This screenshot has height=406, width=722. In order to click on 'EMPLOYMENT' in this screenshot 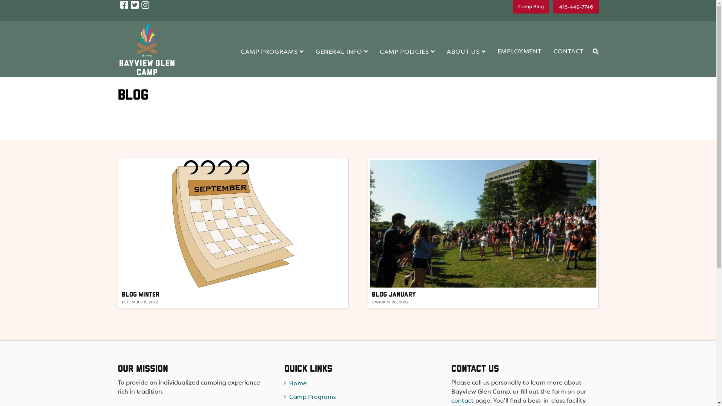, I will do `click(519, 38)`.